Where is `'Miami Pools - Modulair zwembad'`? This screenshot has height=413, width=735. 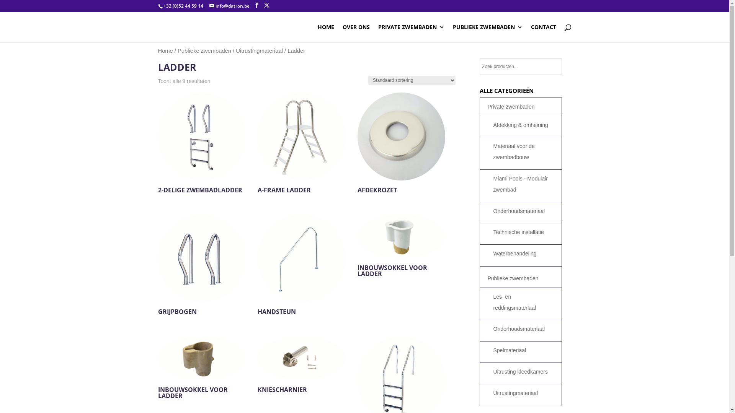
'Miami Pools - Modulair zwembad' is located at coordinates (523, 184).